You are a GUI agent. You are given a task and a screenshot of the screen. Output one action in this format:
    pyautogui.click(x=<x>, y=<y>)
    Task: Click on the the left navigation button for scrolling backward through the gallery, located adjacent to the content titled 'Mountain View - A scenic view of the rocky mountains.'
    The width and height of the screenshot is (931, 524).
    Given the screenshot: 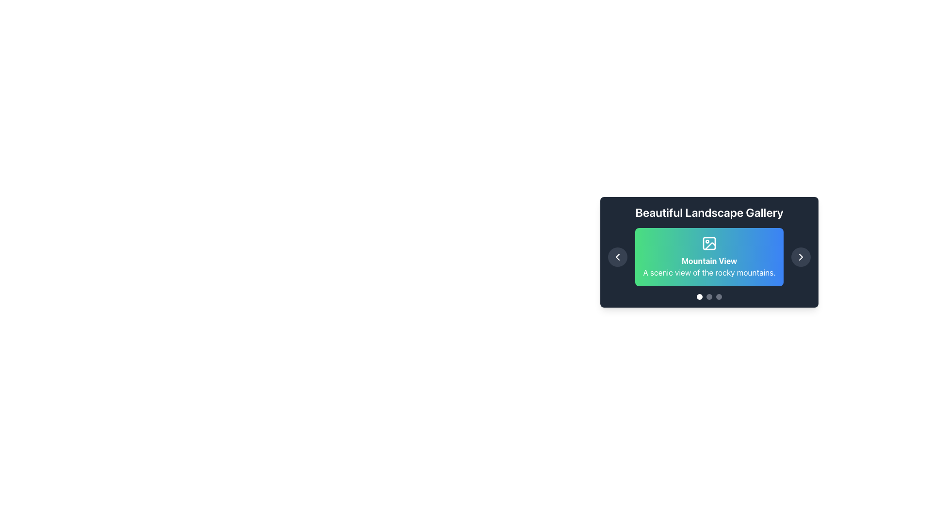 What is the action you would take?
    pyautogui.click(x=617, y=256)
    